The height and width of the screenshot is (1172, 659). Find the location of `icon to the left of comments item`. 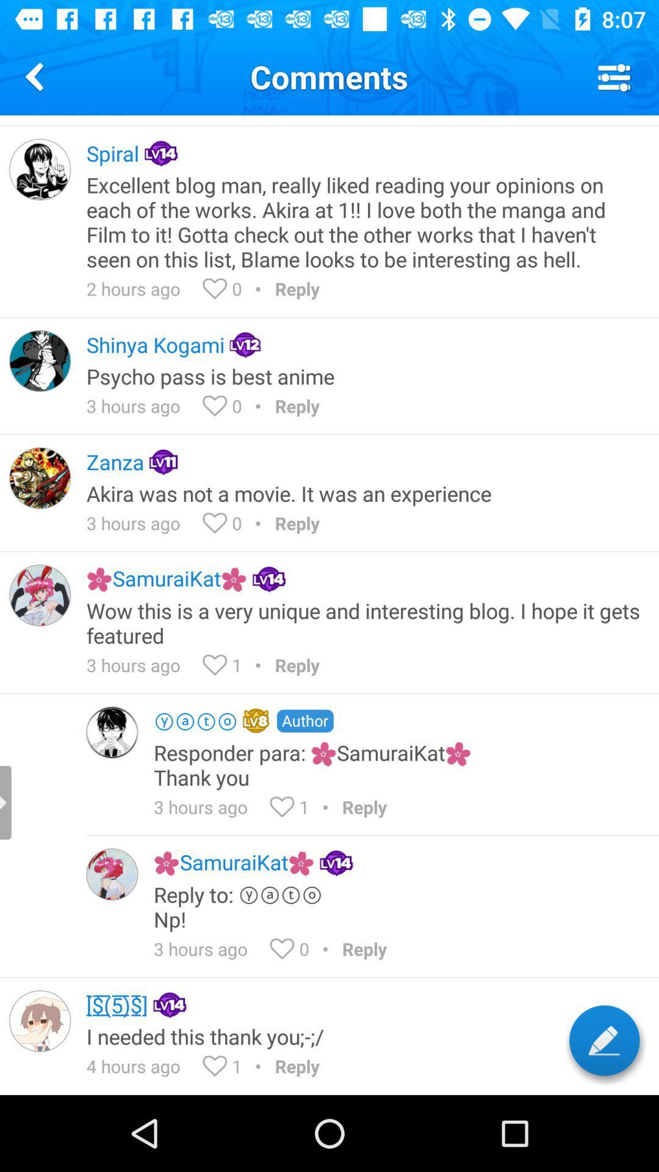

icon to the left of comments item is located at coordinates (36, 76).